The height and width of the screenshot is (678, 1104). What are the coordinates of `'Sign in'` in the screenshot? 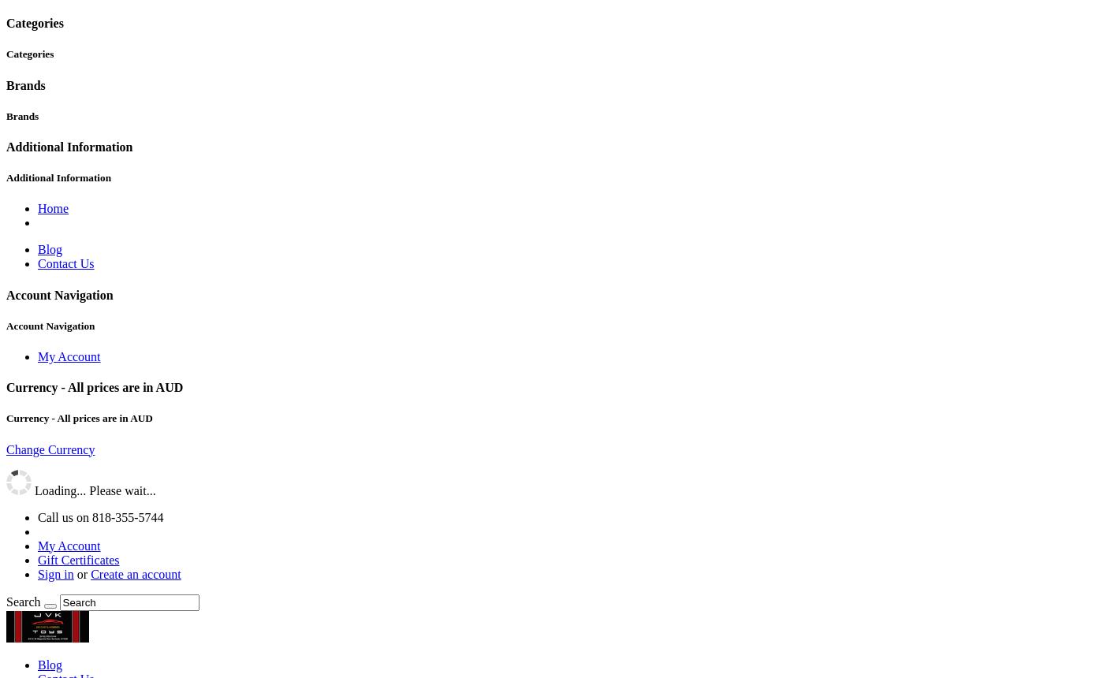 It's located at (55, 572).